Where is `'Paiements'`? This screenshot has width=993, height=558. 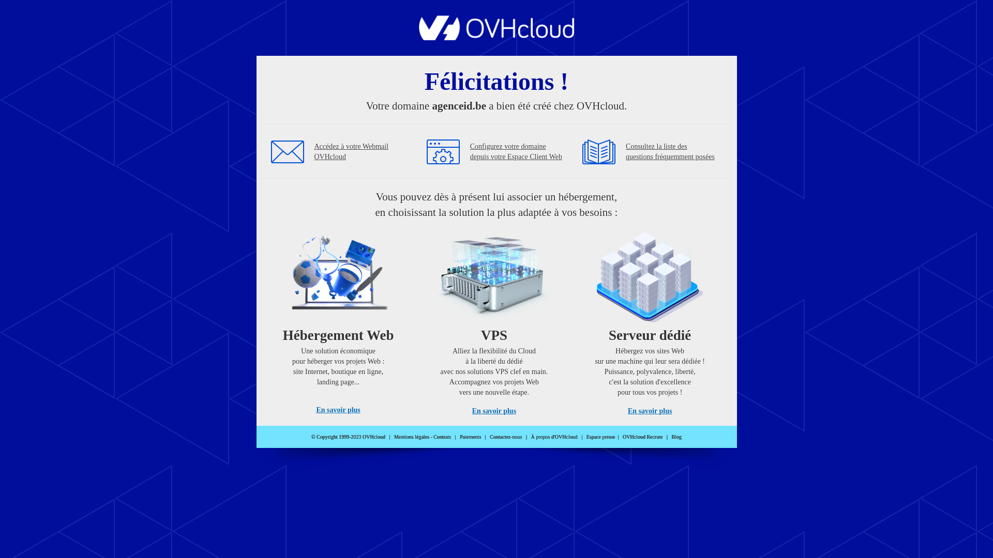 'Paiements' is located at coordinates (459, 437).